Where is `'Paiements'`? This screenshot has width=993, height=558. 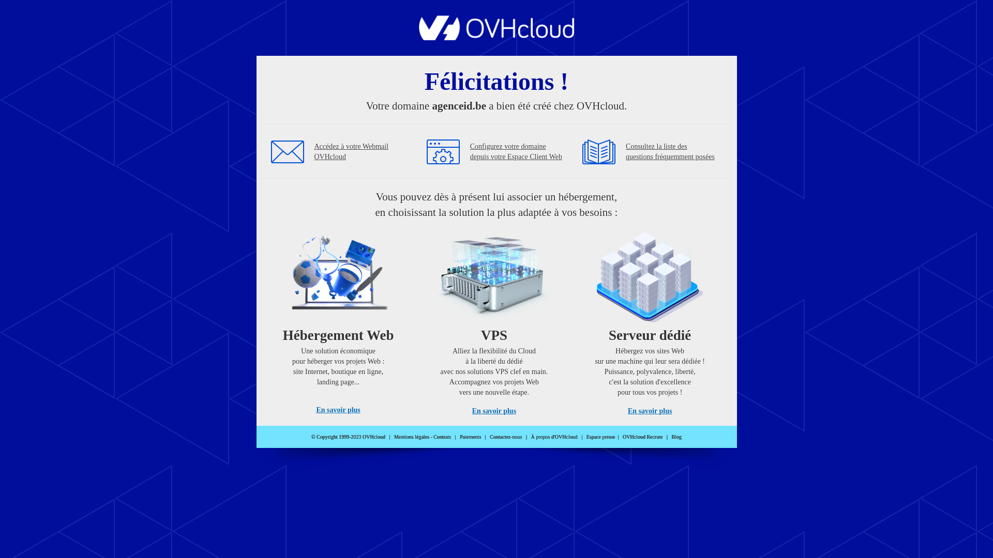 'Paiements' is located at coordinates (459, 437).